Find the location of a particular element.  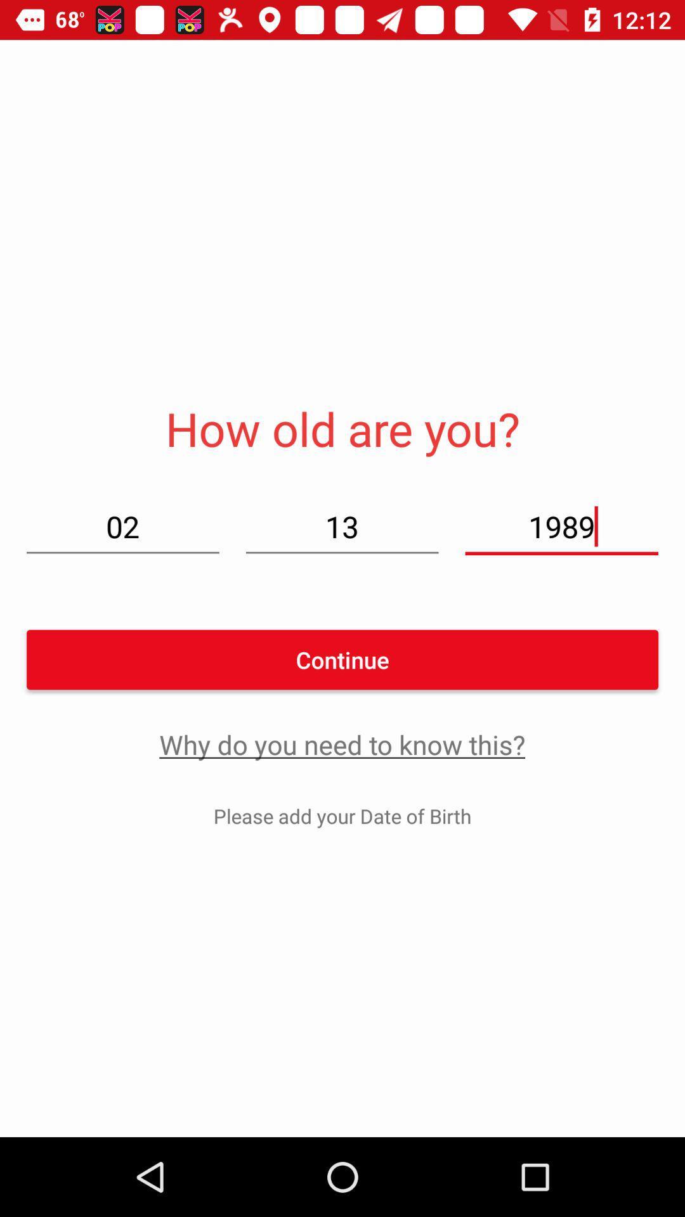

item above the continue is located at coordinates (341, 526).